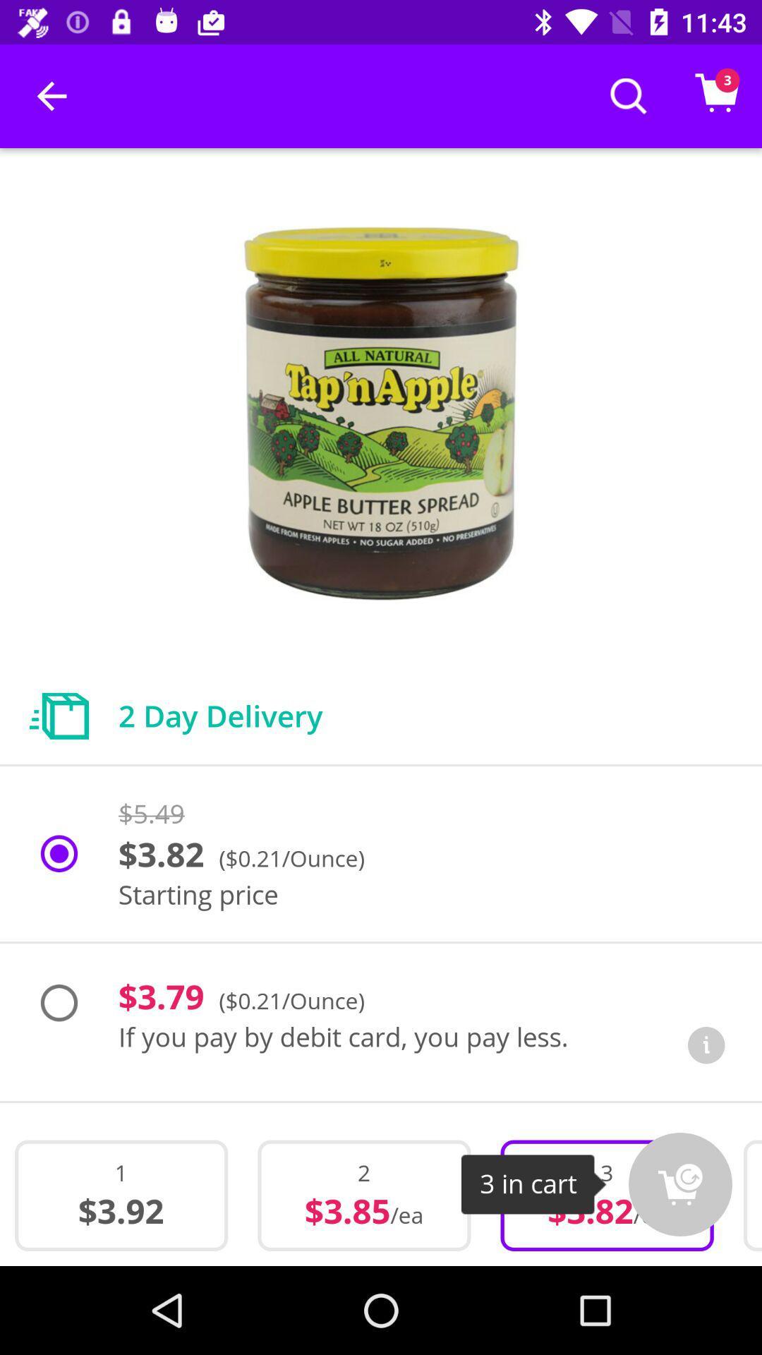  What do you see at coordinates (679, 1184) in the screenshot?
I see `the icon next to the 3 item` at bounding box center [679, 1184].